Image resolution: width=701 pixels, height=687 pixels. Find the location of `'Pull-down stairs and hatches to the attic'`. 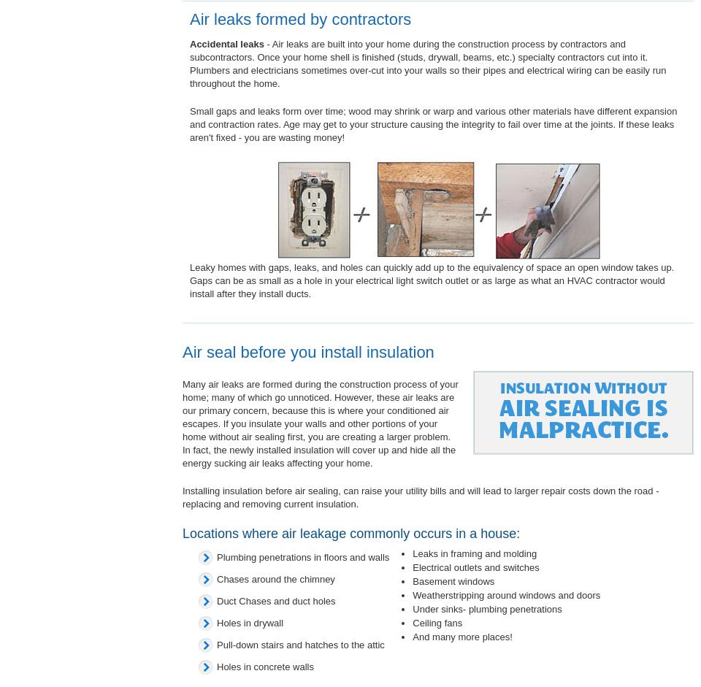

'Pull-down stairs and hatches to the attic' is located at coordinates (299, 645).